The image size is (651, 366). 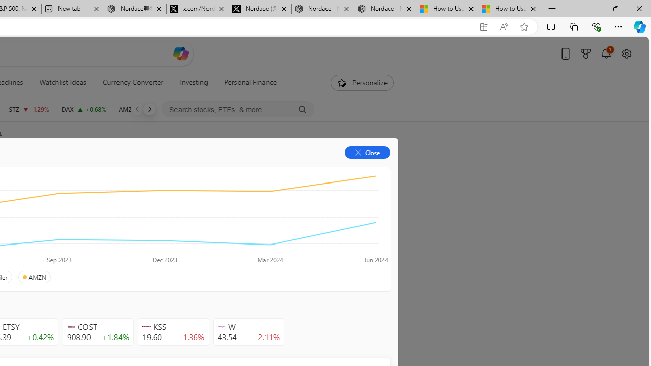 I want to click on 'Next', so click(x=149, y=109).